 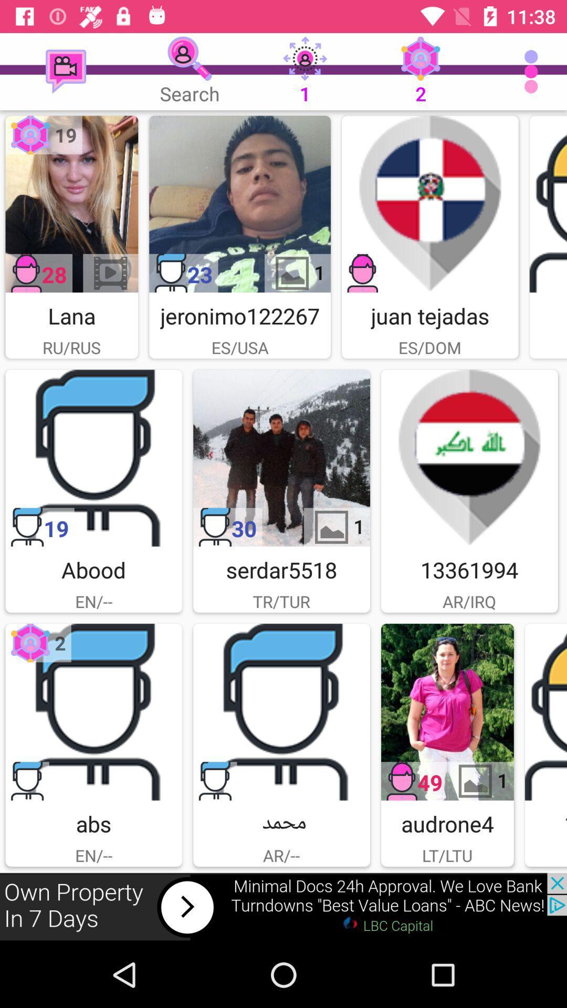 What do you see at coordinates (447, 712) in the screenshot?
I see `click audrone4` at bounding box center [447, 712].